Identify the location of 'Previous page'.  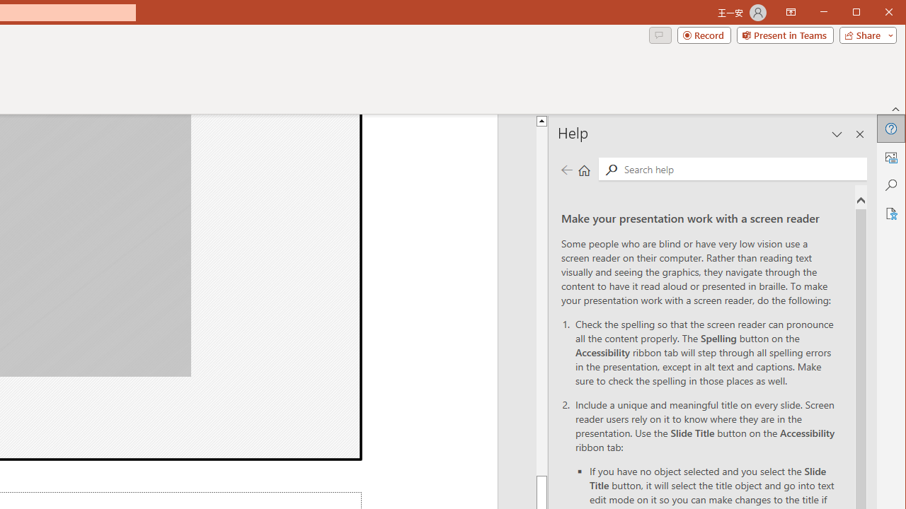
(566, 169).